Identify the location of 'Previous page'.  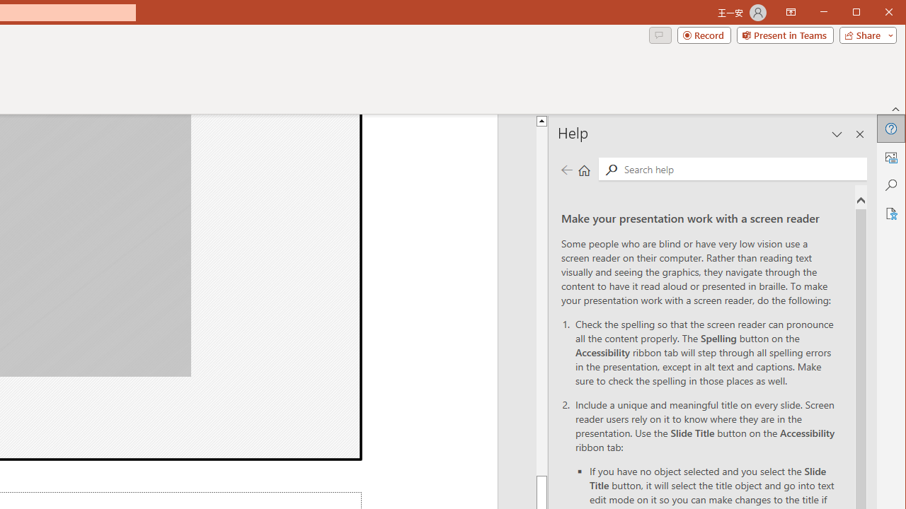
(566, 169).